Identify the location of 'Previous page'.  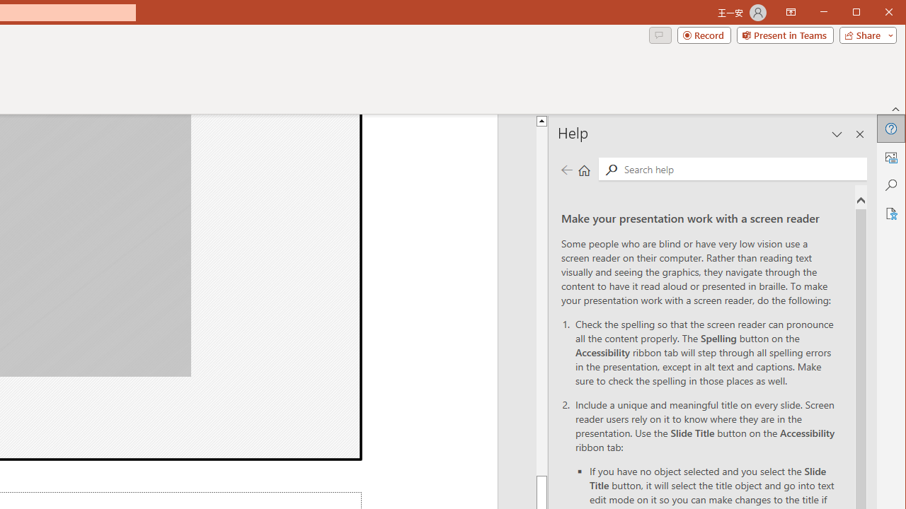
(566, 169).